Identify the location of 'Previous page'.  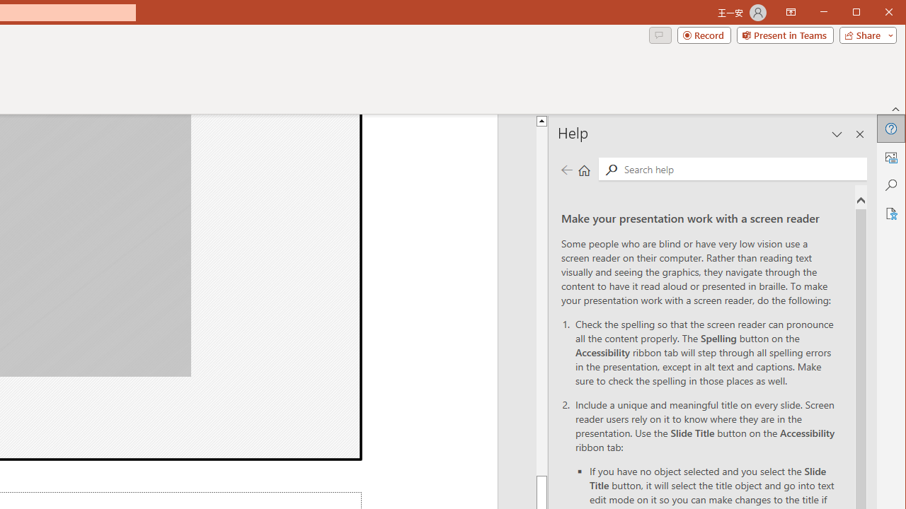
(566, 169).